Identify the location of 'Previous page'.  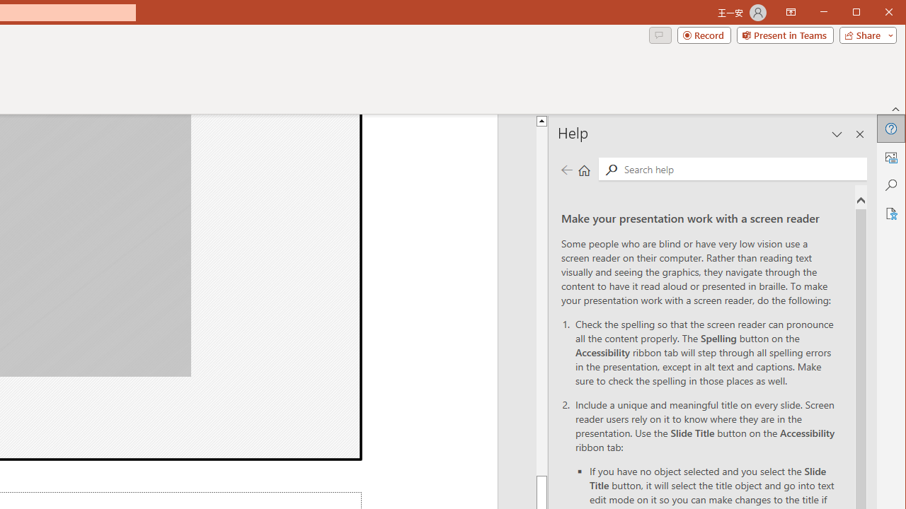
(566, 169).